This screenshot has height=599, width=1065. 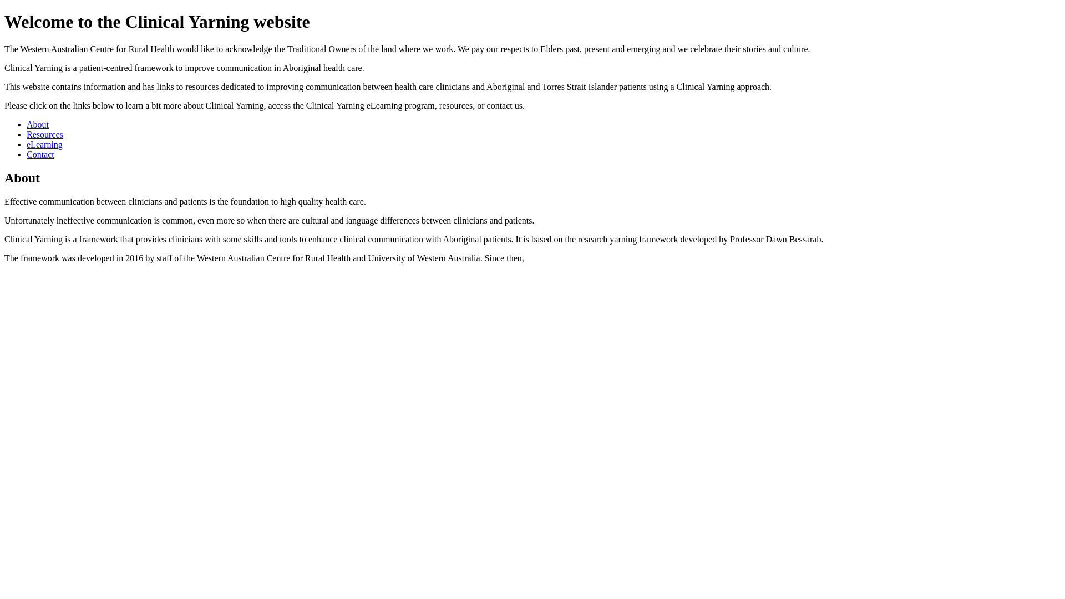 I want to click on 'eLearning', so click(x=44, y=144).